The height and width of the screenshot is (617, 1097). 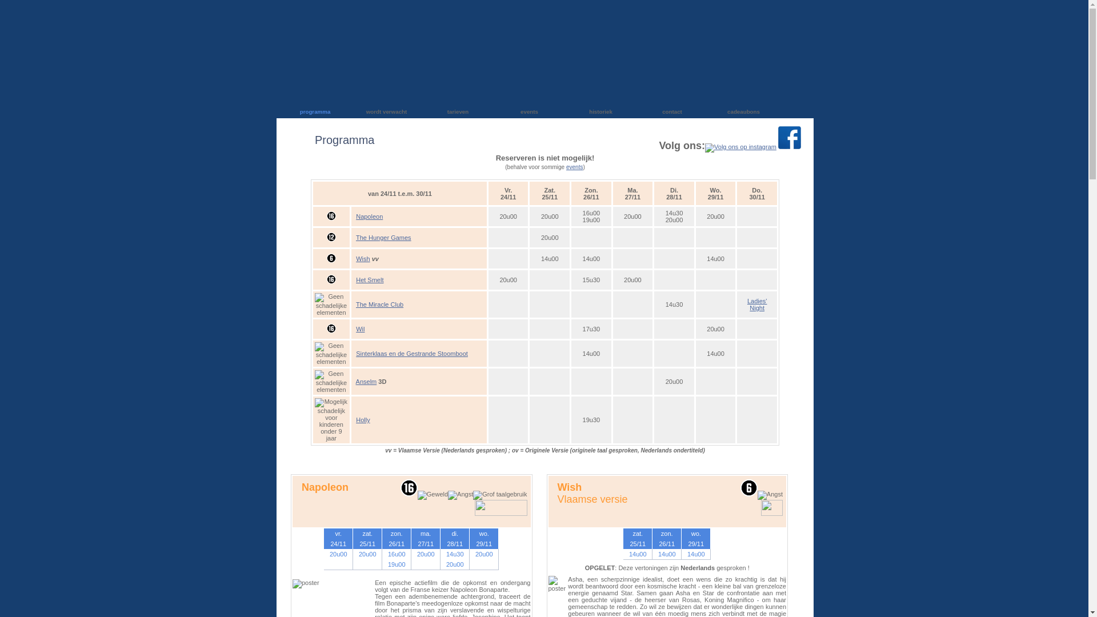 I want to click on 'cadeaubons', so click(x=712, y=111).